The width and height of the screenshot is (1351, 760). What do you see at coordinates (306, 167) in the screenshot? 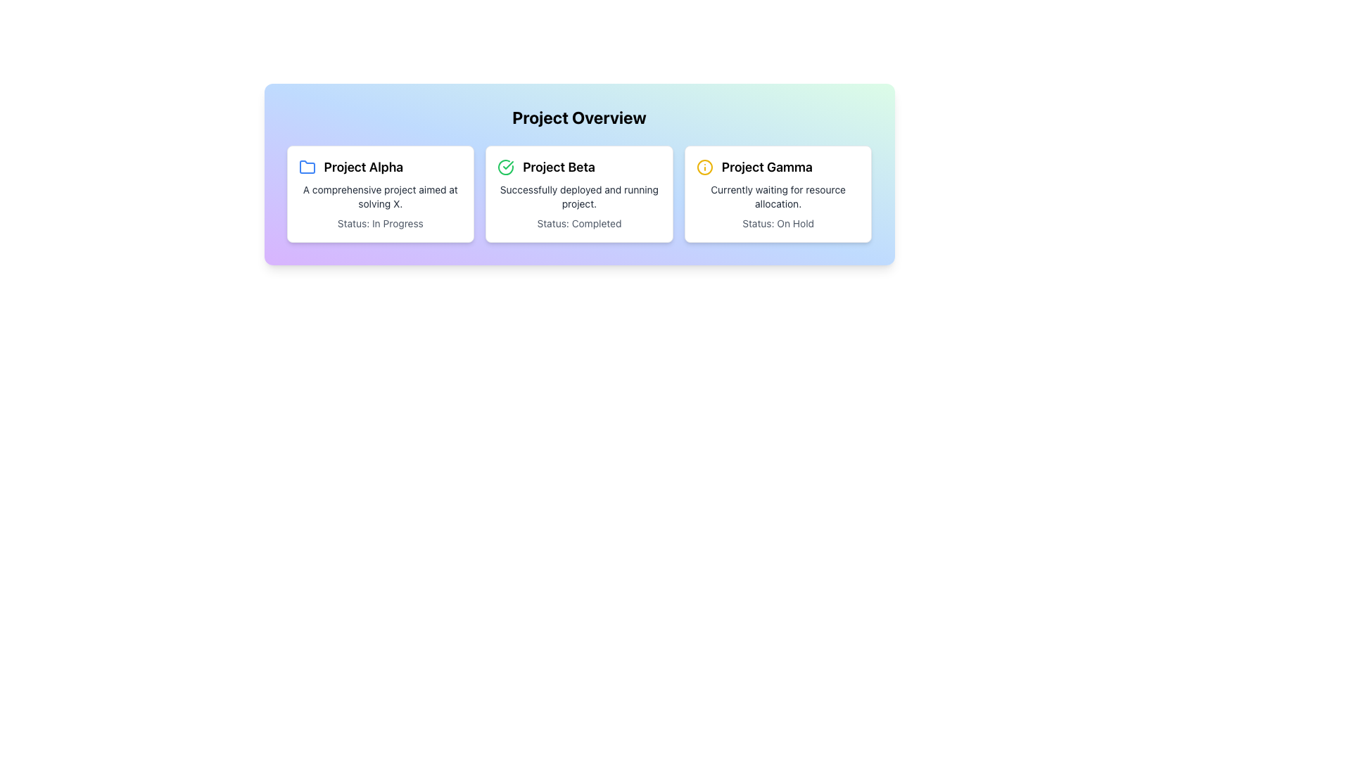
I see `the folder icon with a blue border located at the top-left corner of the 'Project Alpha' card` at bounding box center [306, 167].